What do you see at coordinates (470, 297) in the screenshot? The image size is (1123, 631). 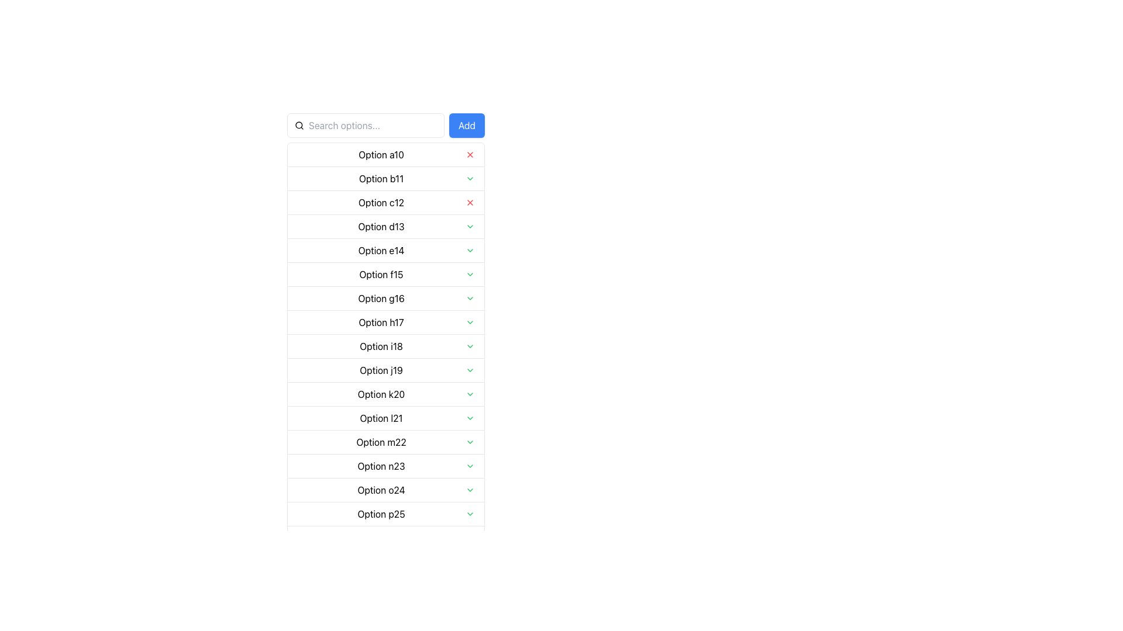 I see `the green downward-pointing chevron icon next to the 'Option g16' entry` at bounding box center [470, 297].